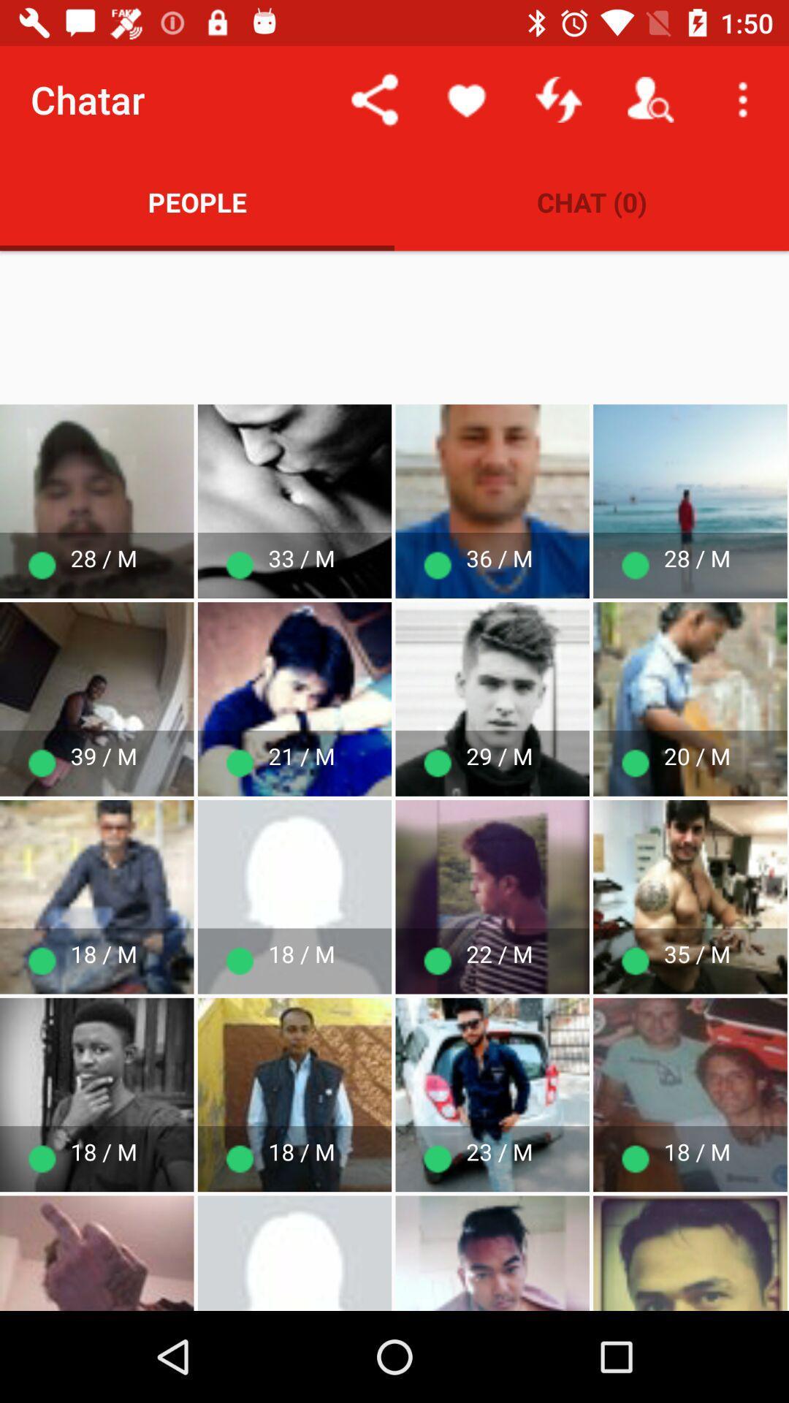  Describe the element at coordinates (374, 99) in the screenshot. I see `item next to the chatar icon` at that location.